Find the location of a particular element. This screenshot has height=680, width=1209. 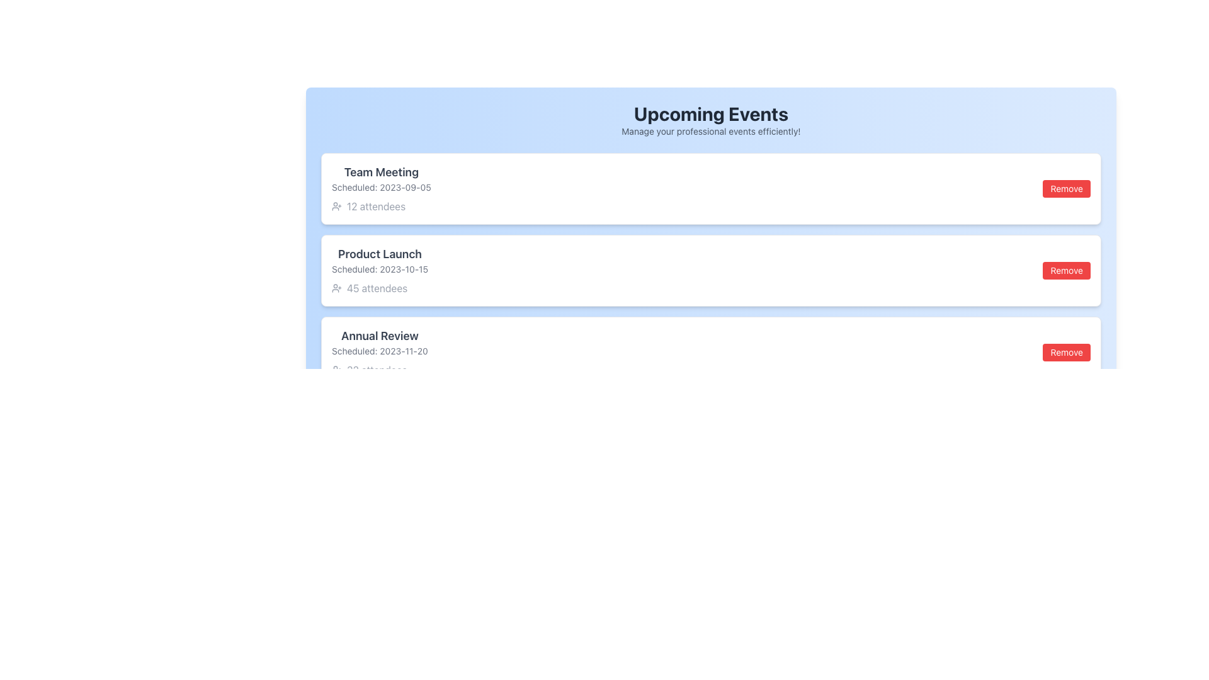

text element displaying '45 attendees', which is located beneath the event title 'Product Launch' and to the right of a user icon, indicating attendee information is located at coordinates (377, 288).